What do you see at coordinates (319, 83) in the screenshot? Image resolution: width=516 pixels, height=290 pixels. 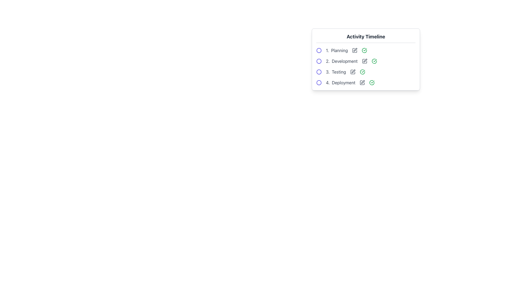 I see `the circular indigo blue Status Indicator icon located to the left of the text '4. Deployment' to interact with it` at bounding box center [319, 83].